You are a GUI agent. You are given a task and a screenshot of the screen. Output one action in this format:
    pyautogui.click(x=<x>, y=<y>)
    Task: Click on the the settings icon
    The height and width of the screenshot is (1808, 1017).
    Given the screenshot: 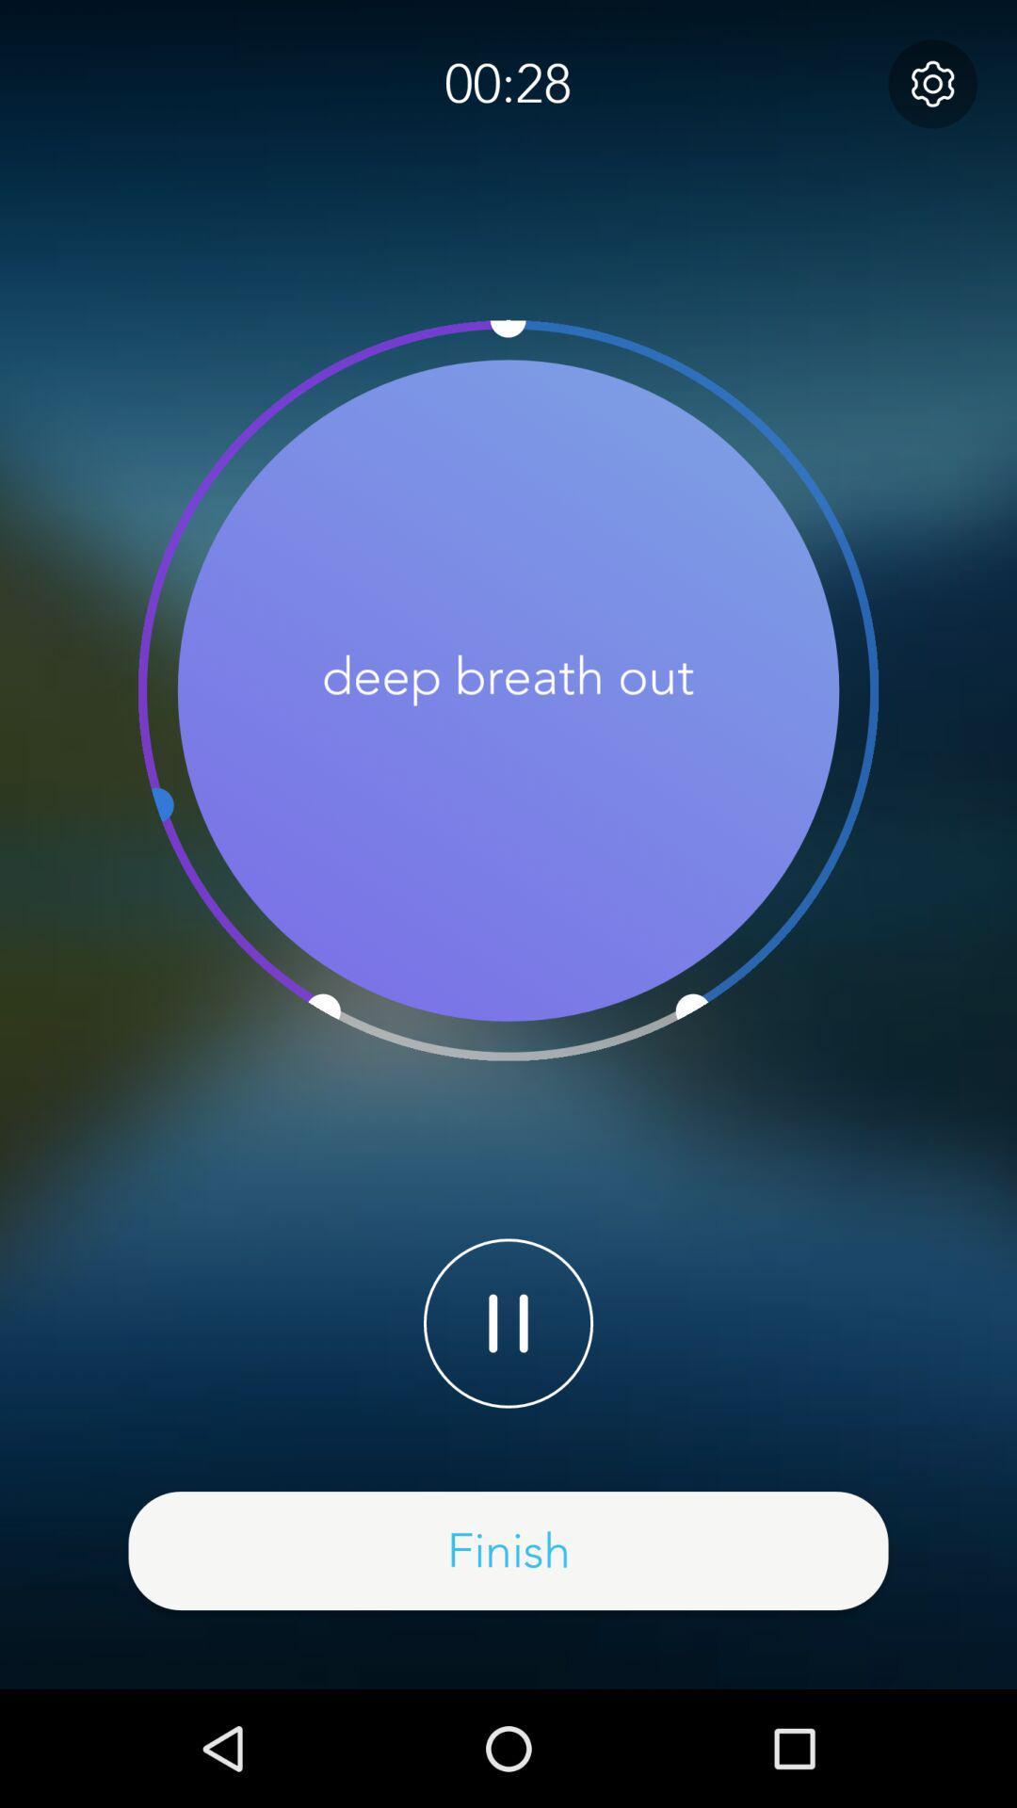 What is the action you would take?
    pyautogui.click(x=932, y=83)
    